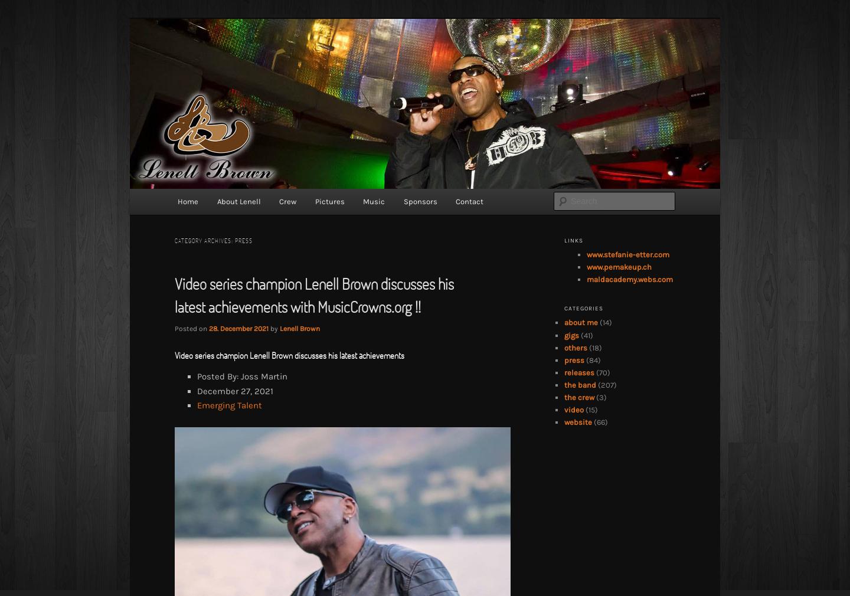 The image size is (850, 596). Describe the element at coordinates (564, 240) in the screenshot. I see `'Links'` at that location.